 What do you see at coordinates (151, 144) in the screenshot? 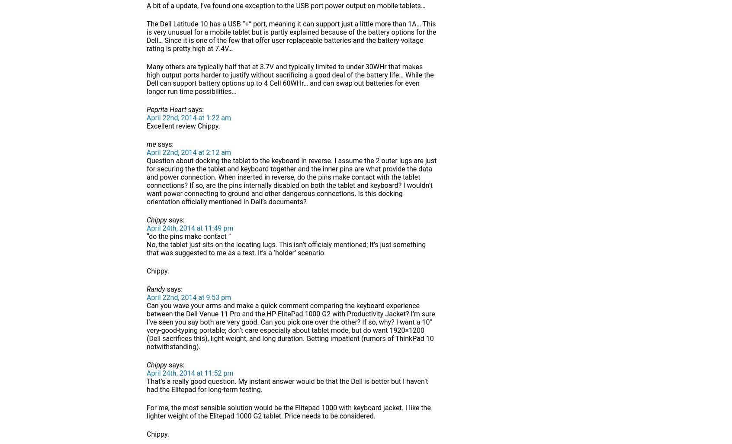
I see `'me'` at bounding box center [151, 144].